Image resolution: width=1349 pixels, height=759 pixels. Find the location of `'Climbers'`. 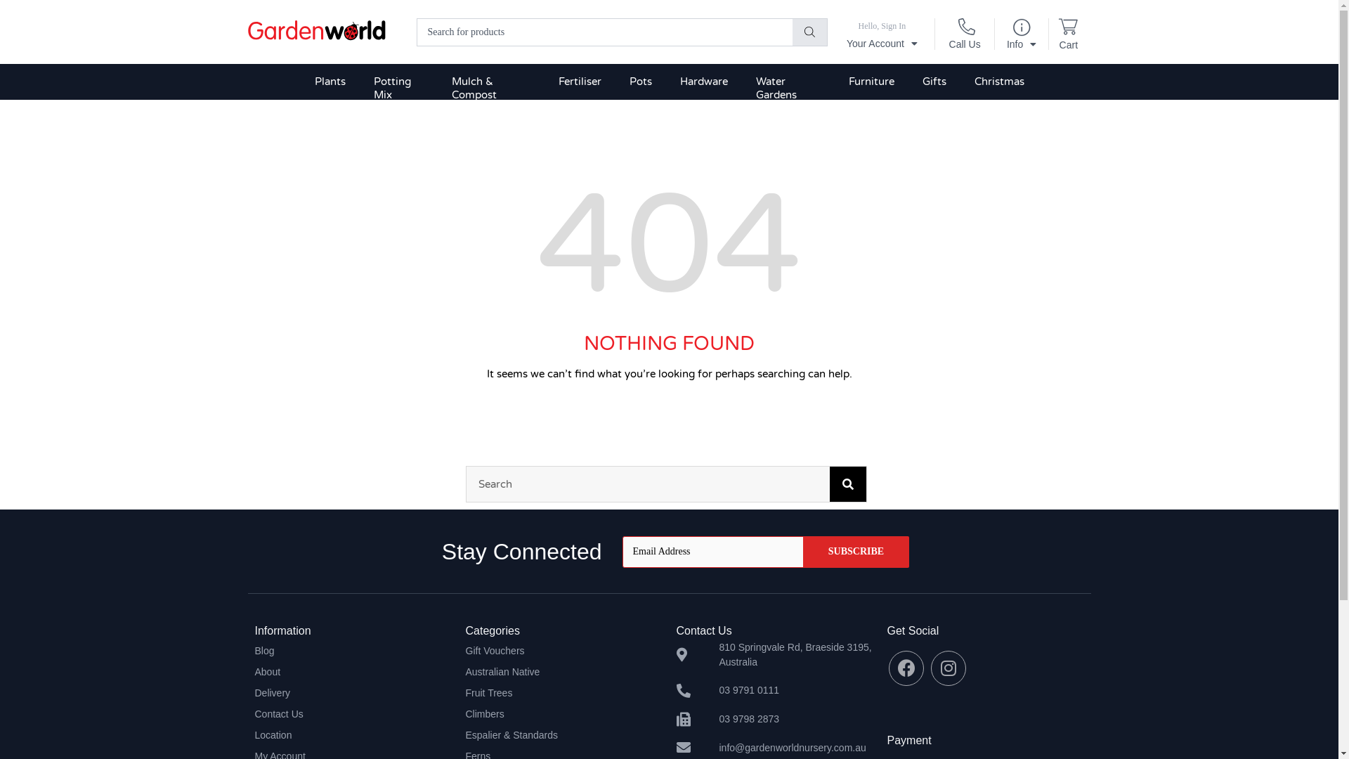

'Climbers' is located at coordinates (465, 713).